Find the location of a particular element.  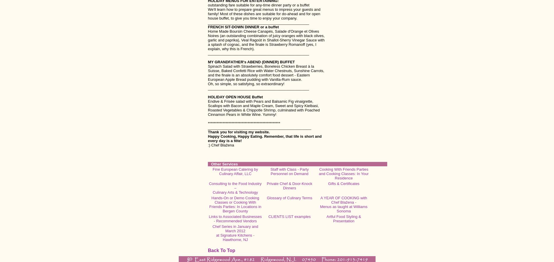

'Thank you for visiting my website.' is located at coordinates (239, 132).